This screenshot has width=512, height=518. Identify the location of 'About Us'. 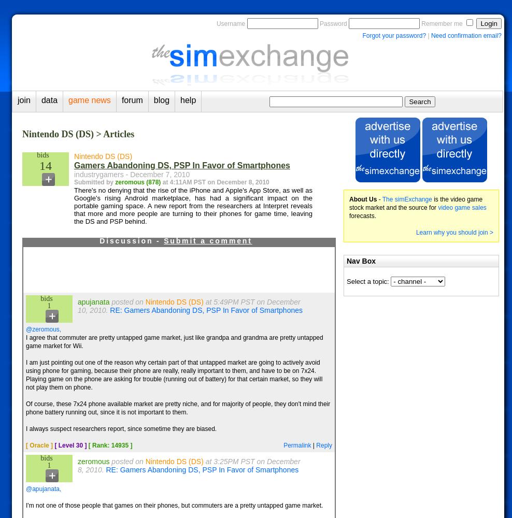
(363, 199).